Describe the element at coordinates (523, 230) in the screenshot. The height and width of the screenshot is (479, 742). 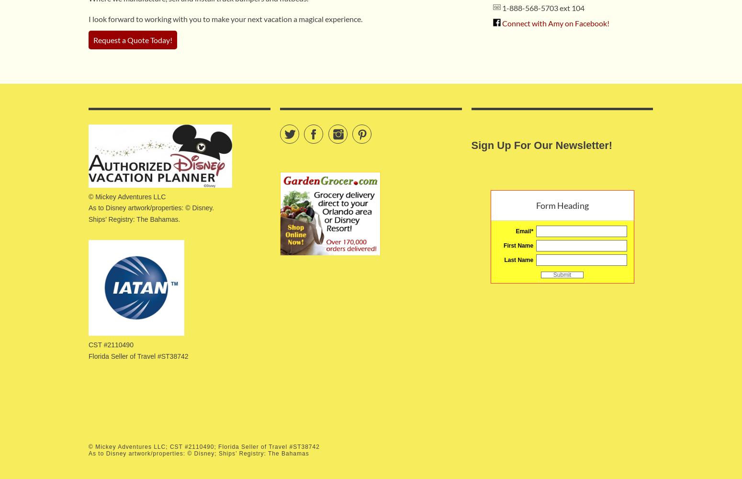
I see `'Email'` at that location.